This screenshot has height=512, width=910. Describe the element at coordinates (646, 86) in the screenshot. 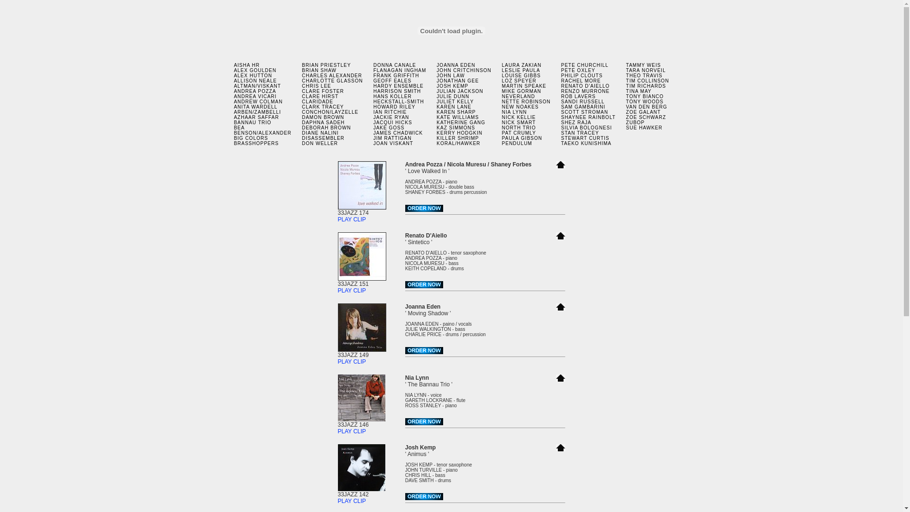

I see `'TIM RICHARDS'` at that location.